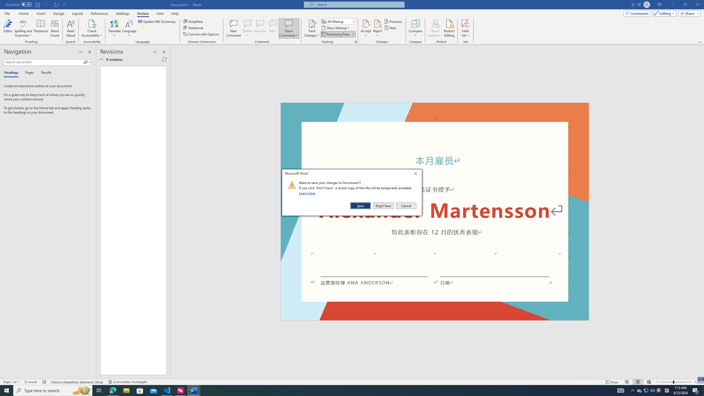  Describe the element at coordinates (638, 382) in the screenshot. I see `'Print Layout'` at that location.